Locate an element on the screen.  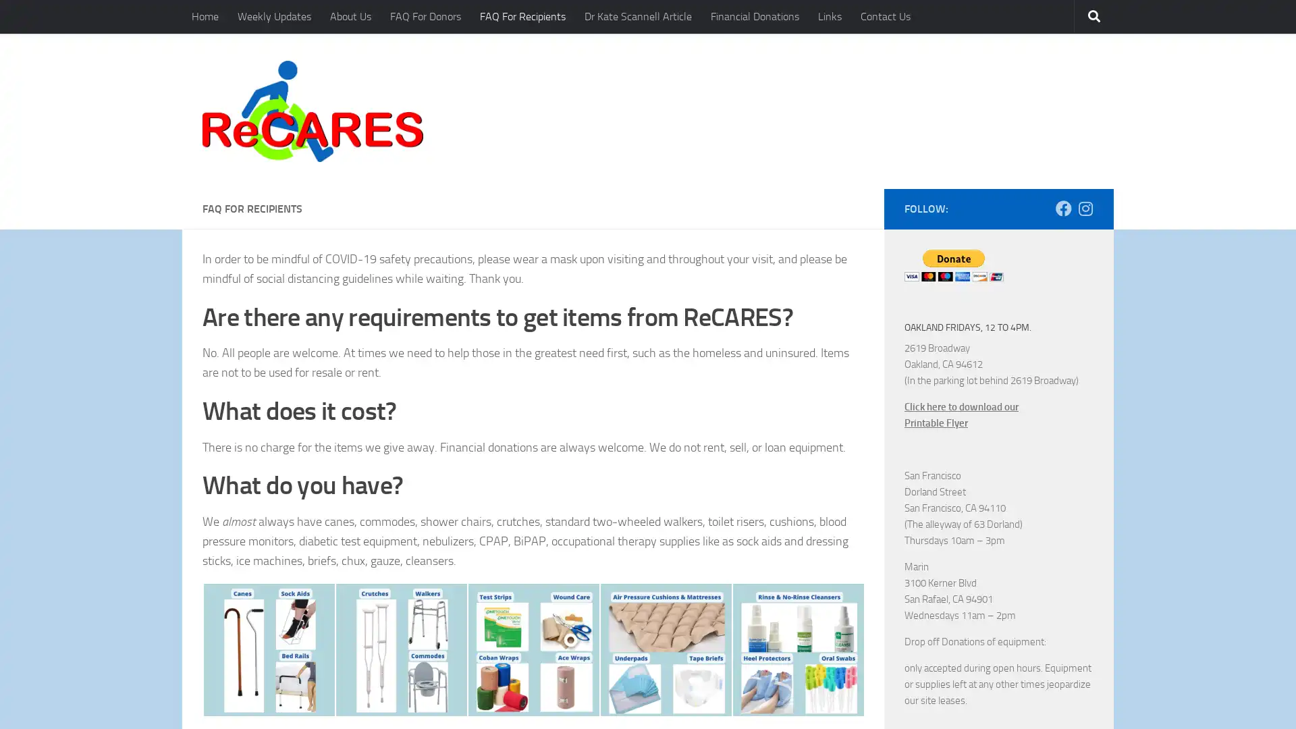
Donate with PayPal button is located at coordinates (953, 265).